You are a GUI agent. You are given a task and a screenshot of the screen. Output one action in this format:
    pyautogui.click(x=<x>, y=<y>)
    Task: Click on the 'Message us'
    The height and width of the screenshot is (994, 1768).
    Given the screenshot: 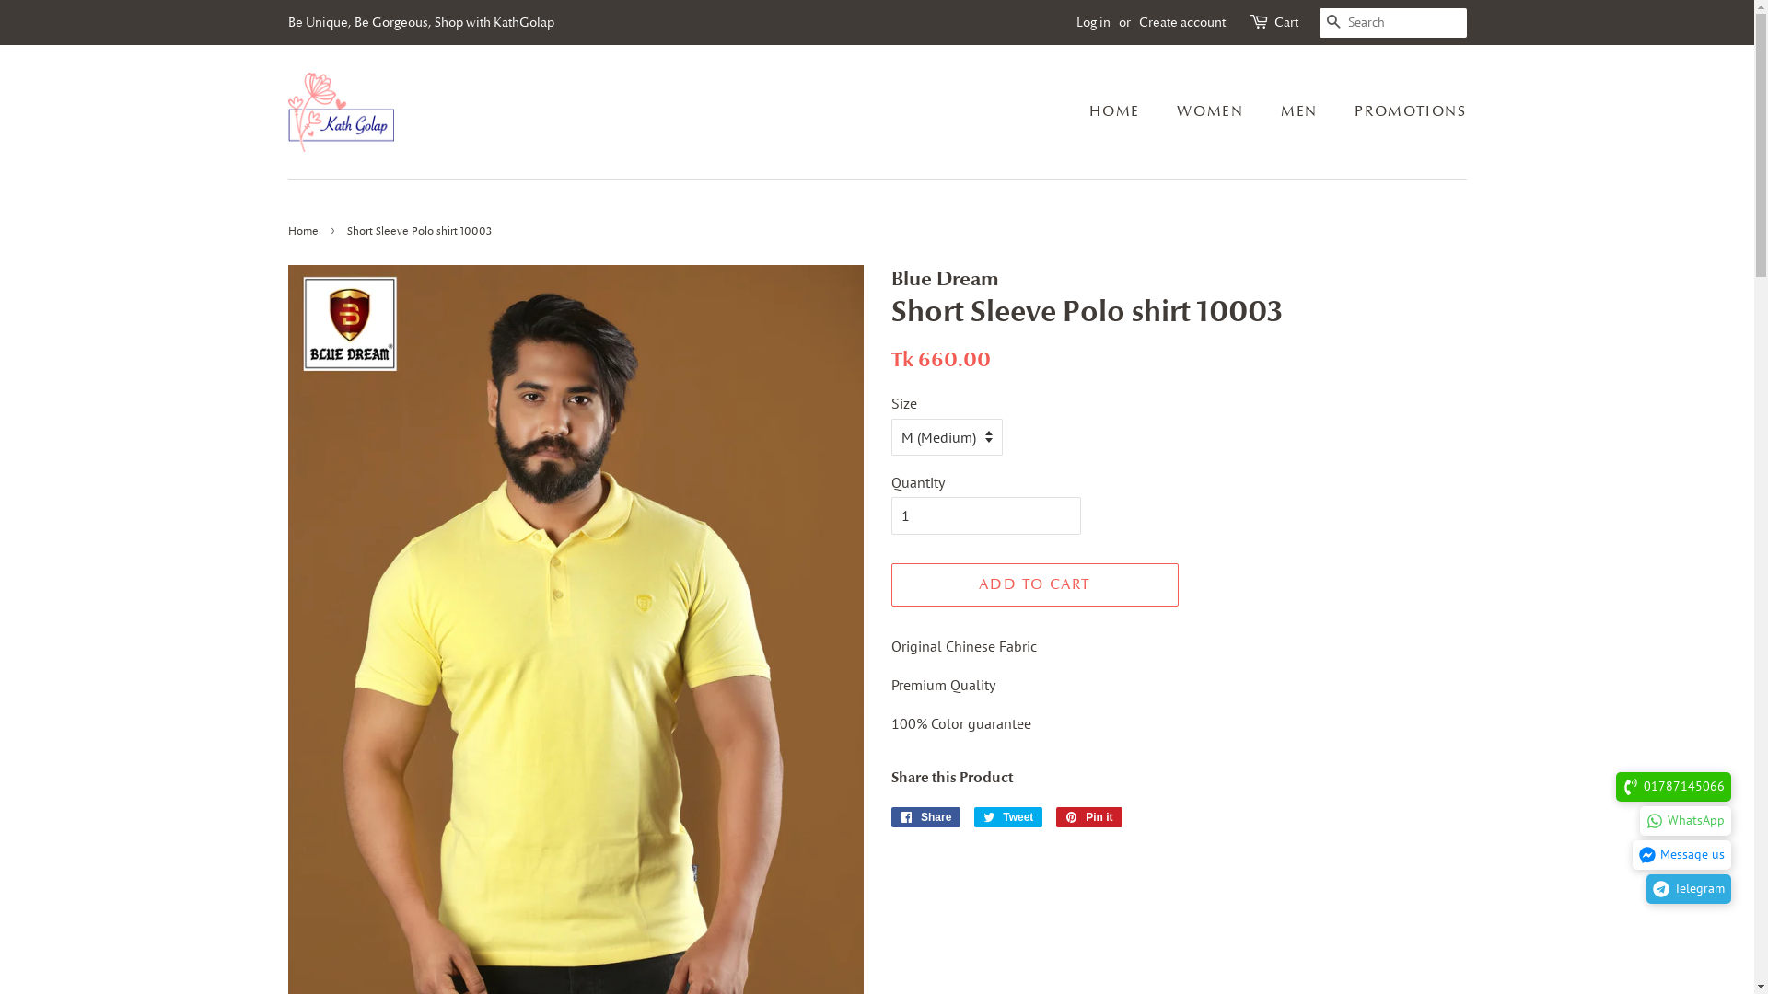 What is the action you would take?
    pyautogui.click(x=1681, y=855)
    